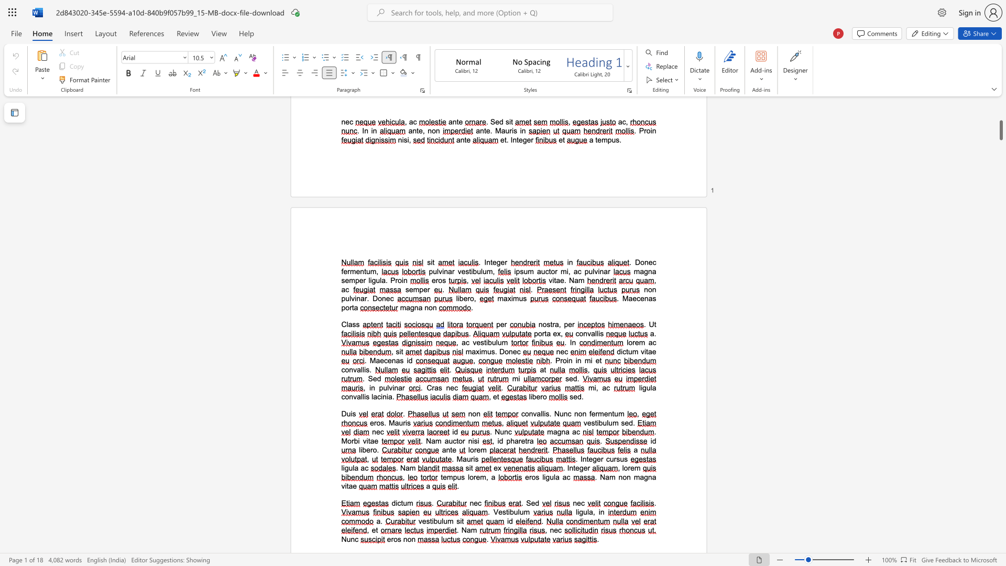 Image resolution: width=1006 pixels, height=566 pixels. Describe the element at coordinates (544, 324) in the screenshot. I see `the 1th character "o" in the text` at that location.